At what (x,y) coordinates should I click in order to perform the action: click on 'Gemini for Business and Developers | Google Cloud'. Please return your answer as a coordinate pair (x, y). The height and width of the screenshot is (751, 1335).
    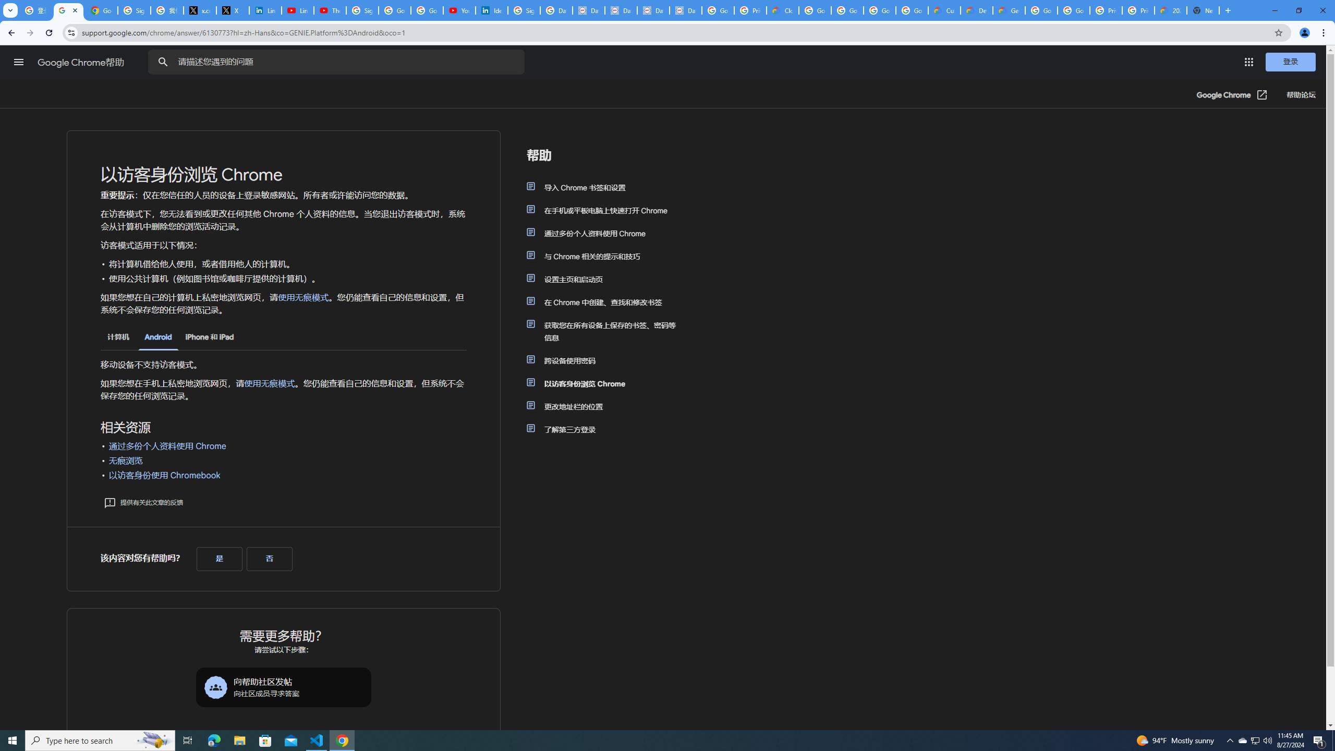
    Looking at the image, I should click on (1008, 10).